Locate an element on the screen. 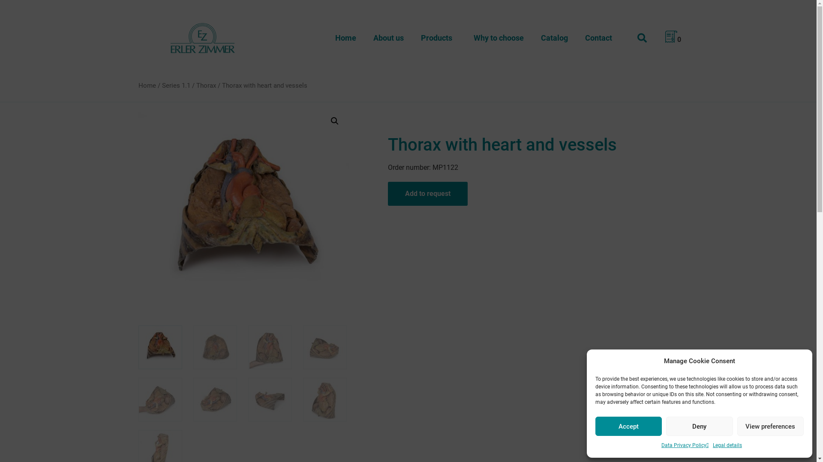 The width and height of the screenshot is (823, 462). 'View preferences' is located at coordinates (770, 426).